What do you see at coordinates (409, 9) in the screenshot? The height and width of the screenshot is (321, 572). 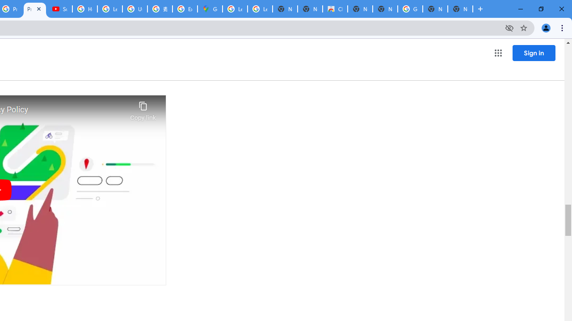 I see `'Google Images'` at bounding box center [409, 9].